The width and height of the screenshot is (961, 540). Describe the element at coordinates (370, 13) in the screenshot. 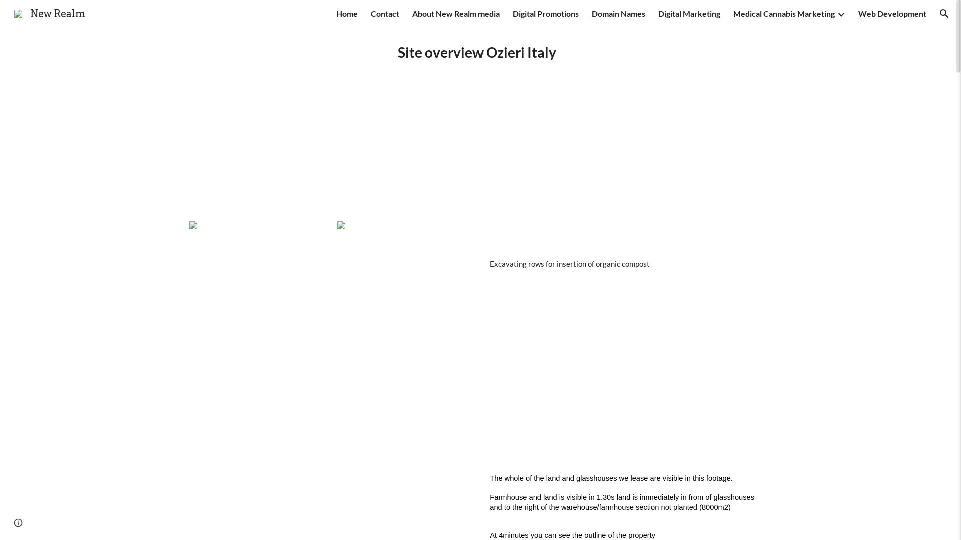

I see `'Contact'` at that location.